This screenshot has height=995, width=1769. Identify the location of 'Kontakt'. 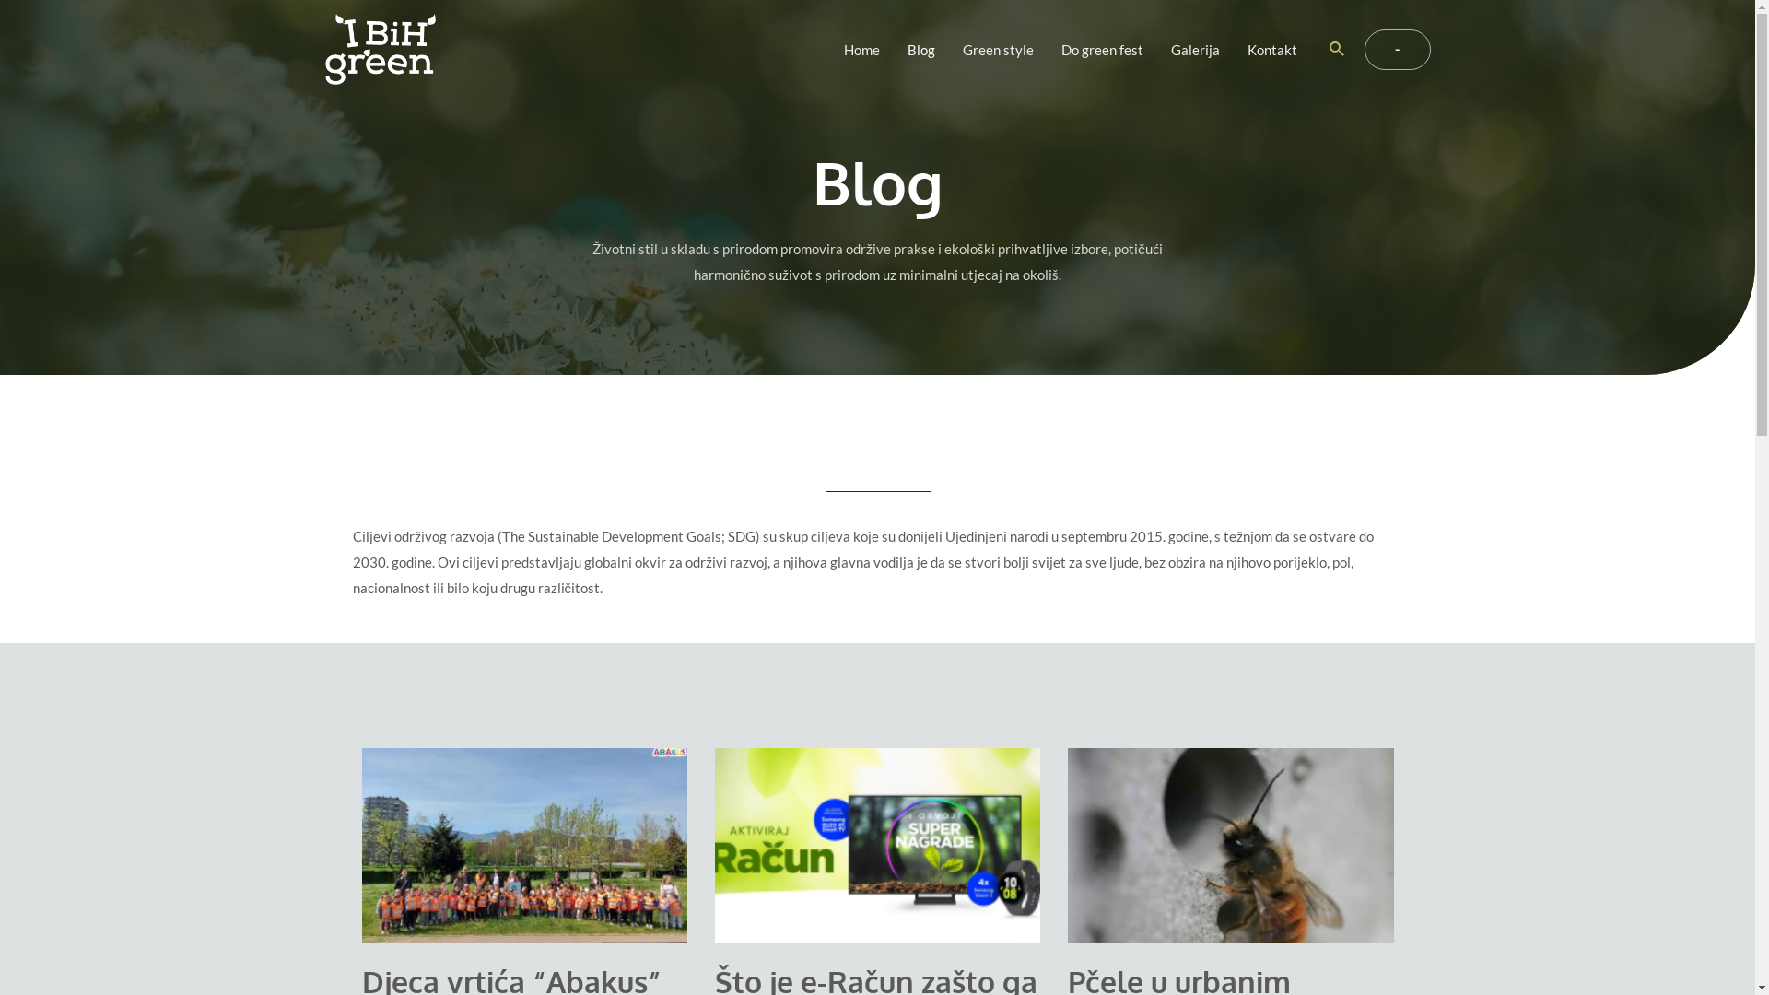
(1271, 49).